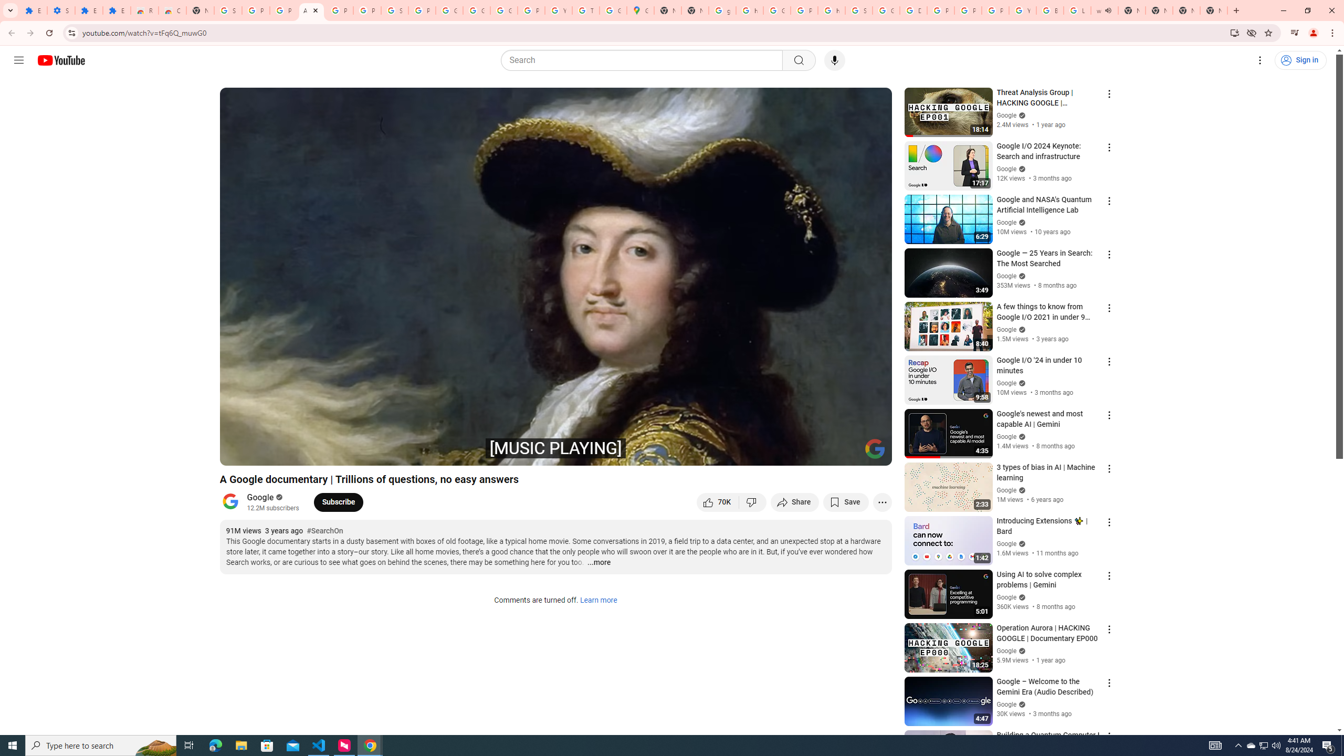  What do you see at coordinates (237, 453) in the screenshot?
I see `'Pause (k)'` at bounding box center [237, 453].